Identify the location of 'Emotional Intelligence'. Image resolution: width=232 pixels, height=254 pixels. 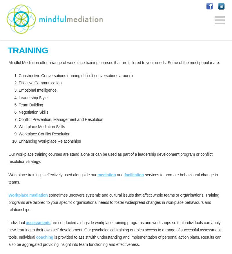
(37, 90).